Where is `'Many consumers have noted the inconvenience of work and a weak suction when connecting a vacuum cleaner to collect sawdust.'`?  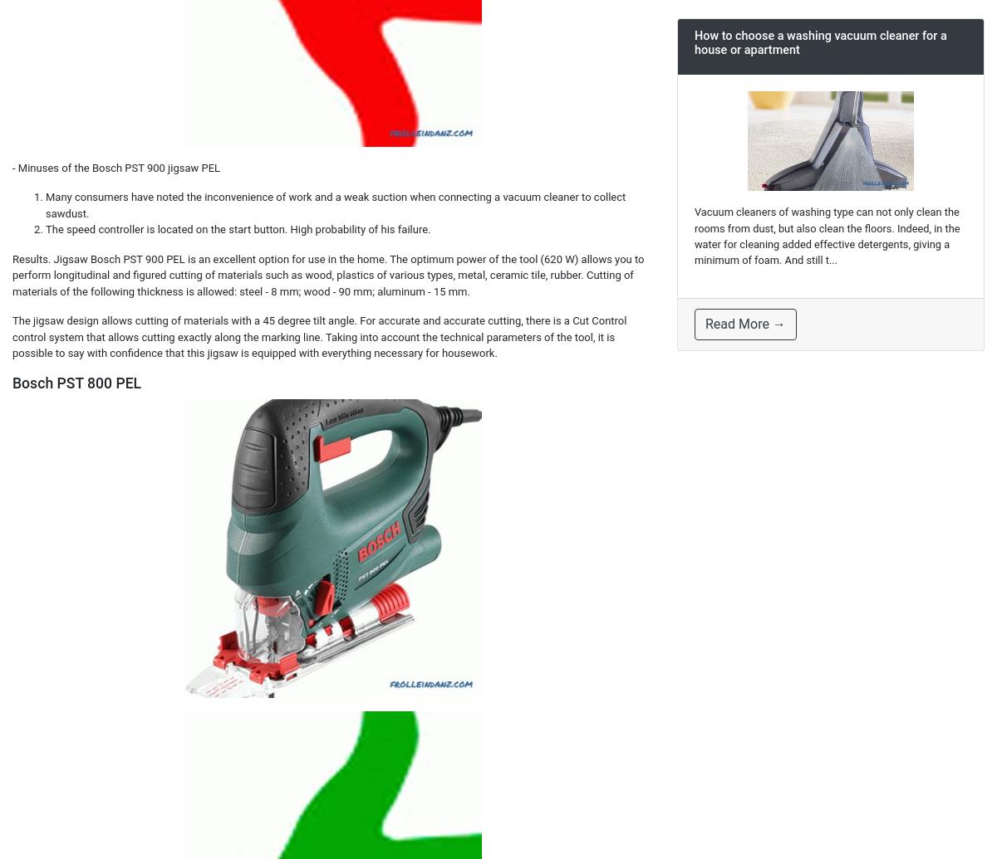 'Many consumers have noted the inconvenience of work and a weak suction when connecting a vacuum cleaner to collect sawdust.' is located at coordinates (336, 204).